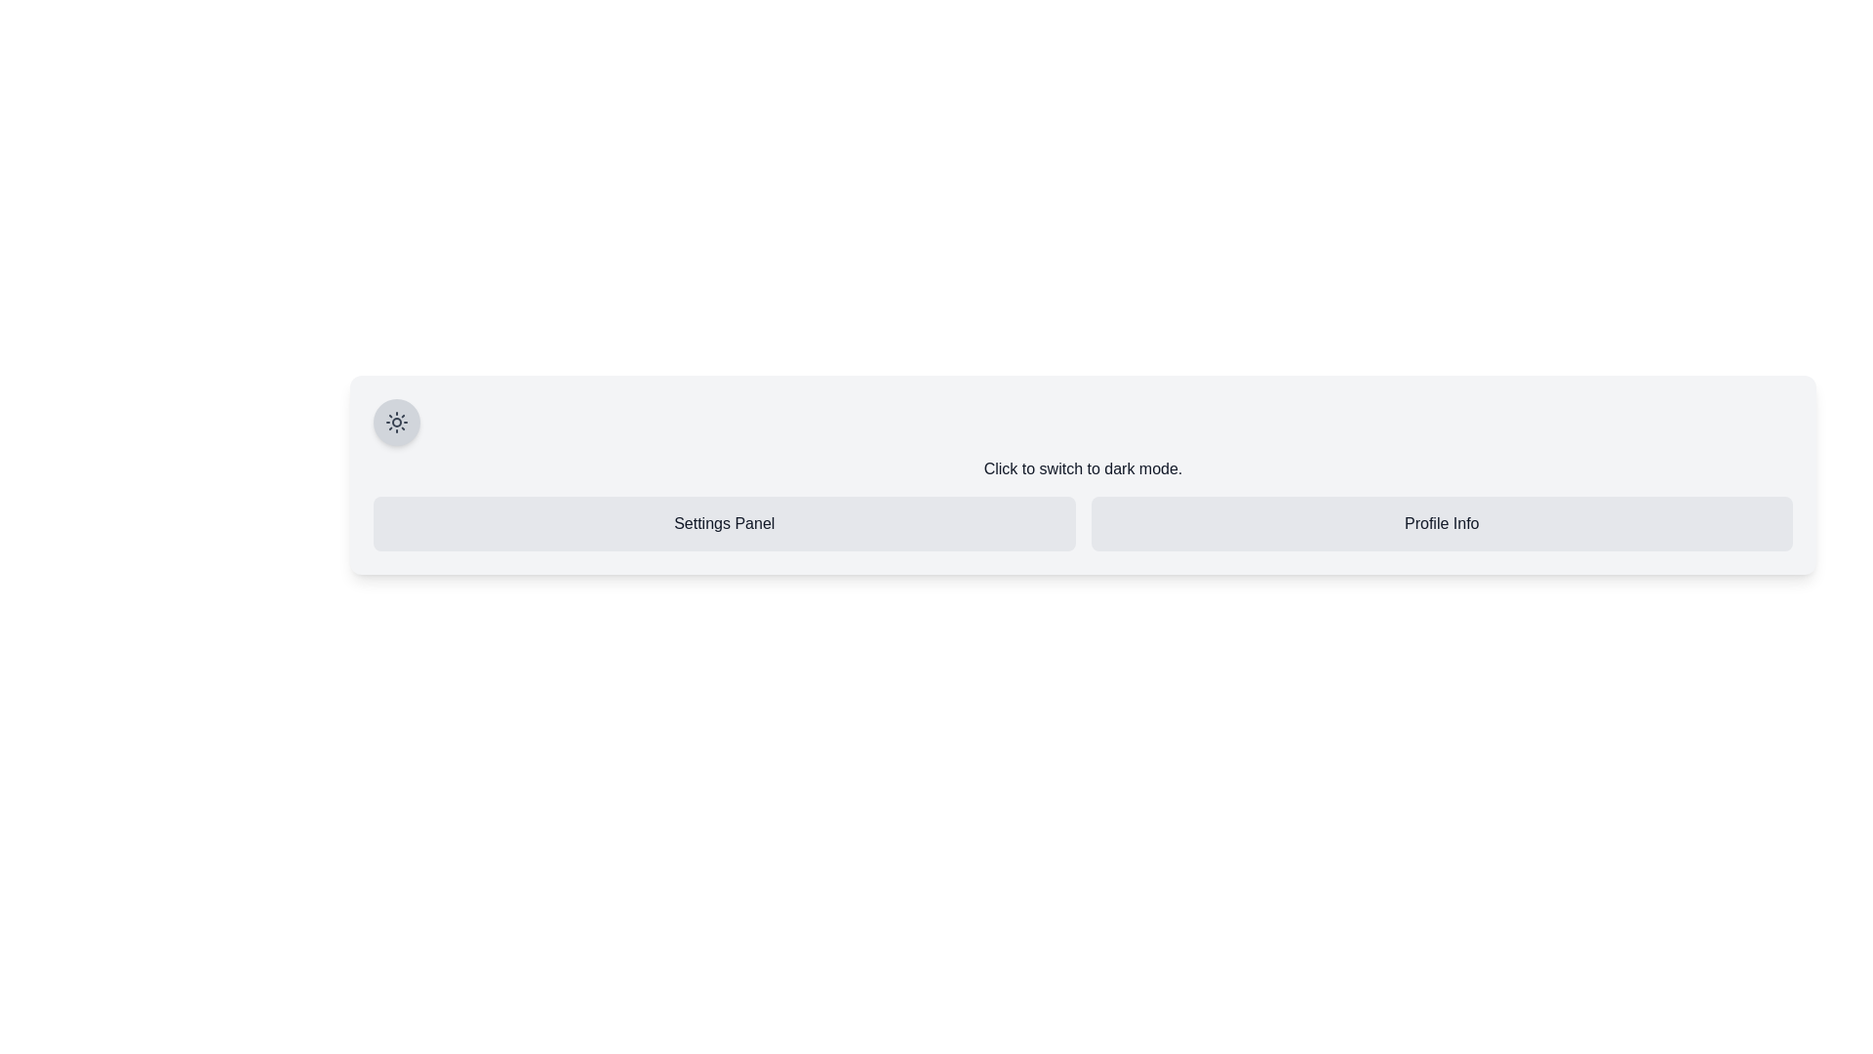 Image resolution: width=1873 pixels, height=1054 pixels. What do you see at coordinates (396, 421) in the screenshot?
I see `the circular button with a sun icon, which has a gray background and is located in the top-left corner of the panel` at bounding box center [396, 421].